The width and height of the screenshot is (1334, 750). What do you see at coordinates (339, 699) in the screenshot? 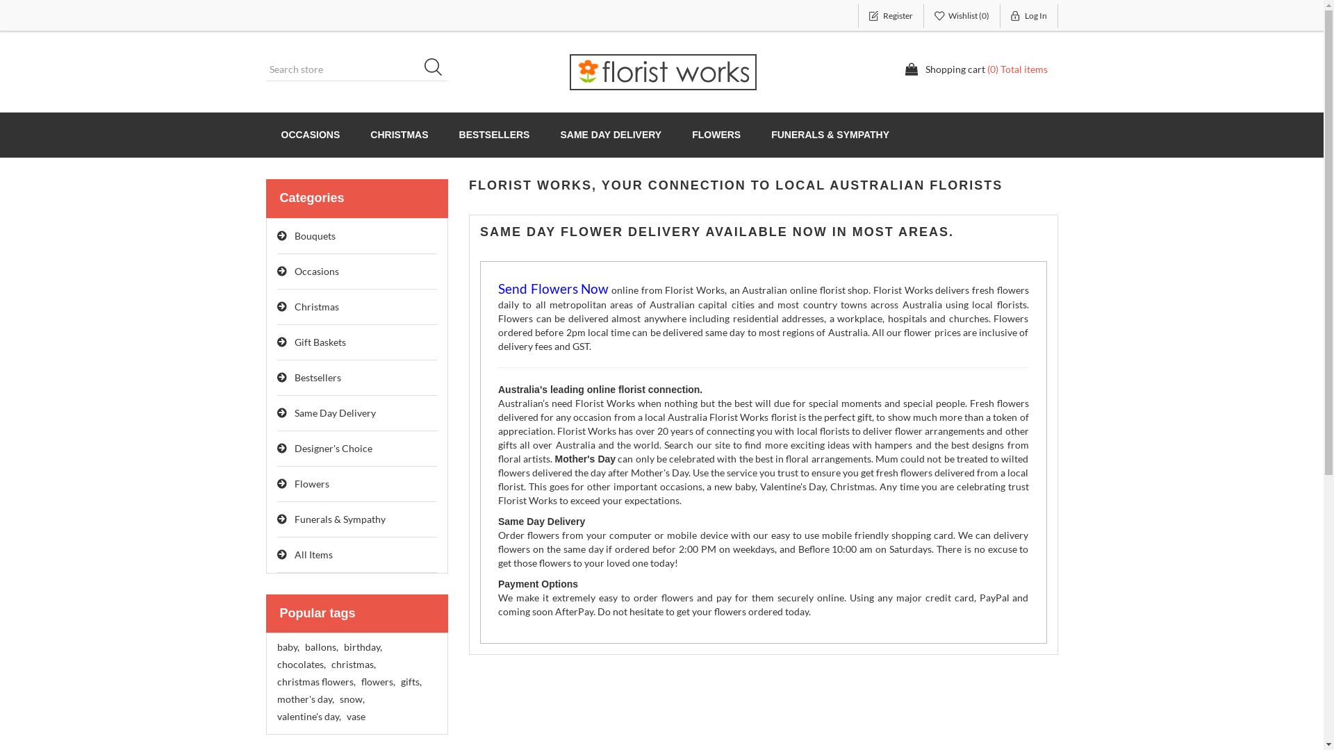
I see `'snow,'` at bounding box center [339, 699].